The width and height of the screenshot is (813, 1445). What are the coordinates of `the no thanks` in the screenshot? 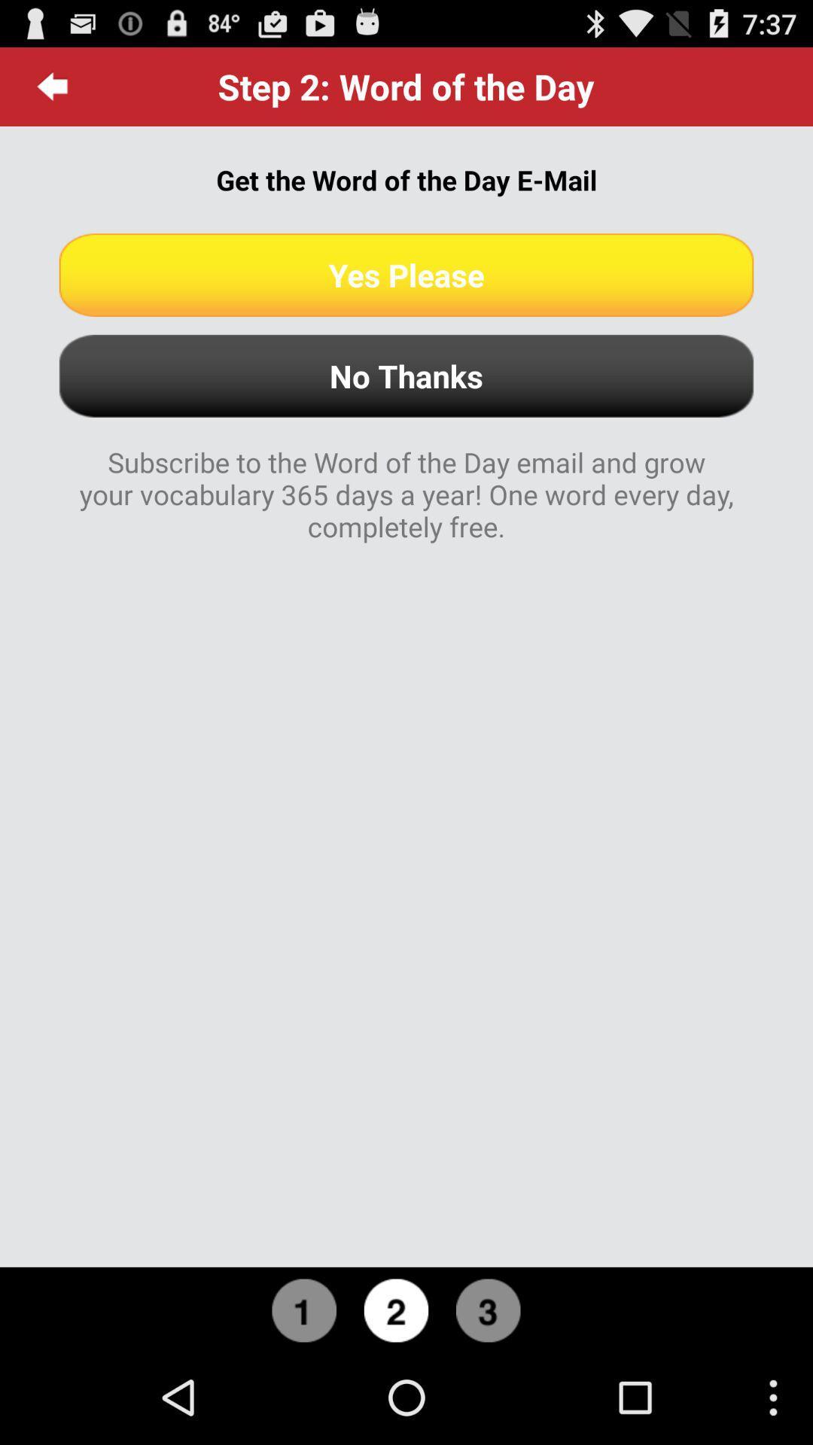 It's located at (406, 376).